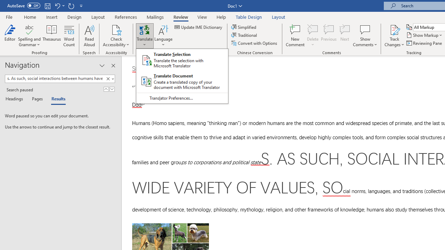 Image resolution: width=445 pixels, height=250 pixels. I want to click on 'Check Accessibility', so click(116, 29).